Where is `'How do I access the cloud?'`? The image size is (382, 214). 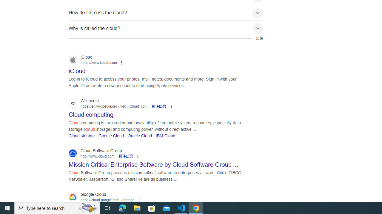
'How do I access the cloud?' is located at coordinates (166, 12).